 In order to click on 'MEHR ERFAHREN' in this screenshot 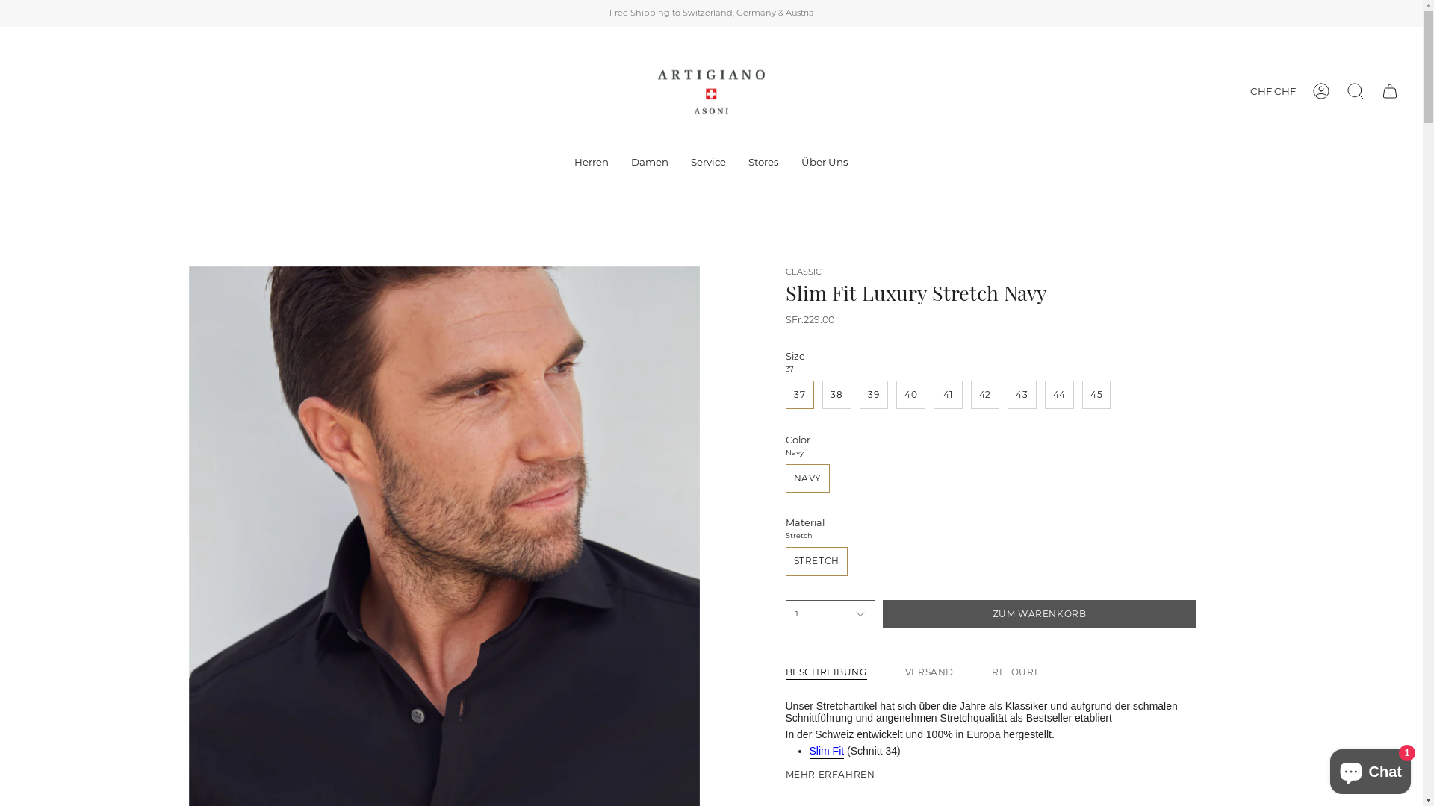, I will do `click(830, 773)`.